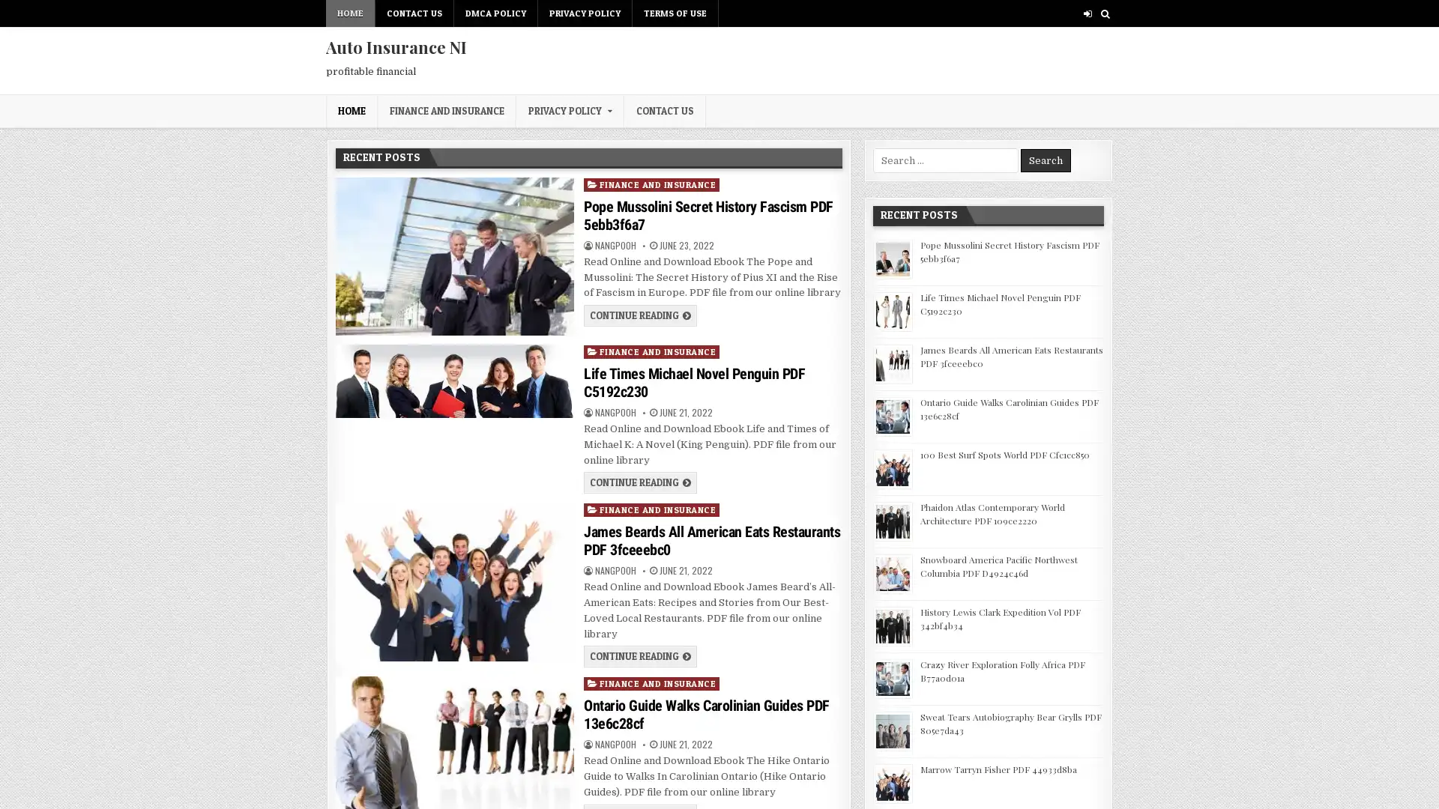  I want to click on Search, so click(1045, 160).